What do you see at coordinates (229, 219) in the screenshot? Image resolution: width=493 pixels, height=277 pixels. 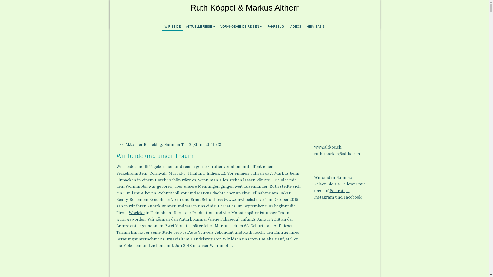 I see `'Fahrzeug'` at bounding box center [229, 219].